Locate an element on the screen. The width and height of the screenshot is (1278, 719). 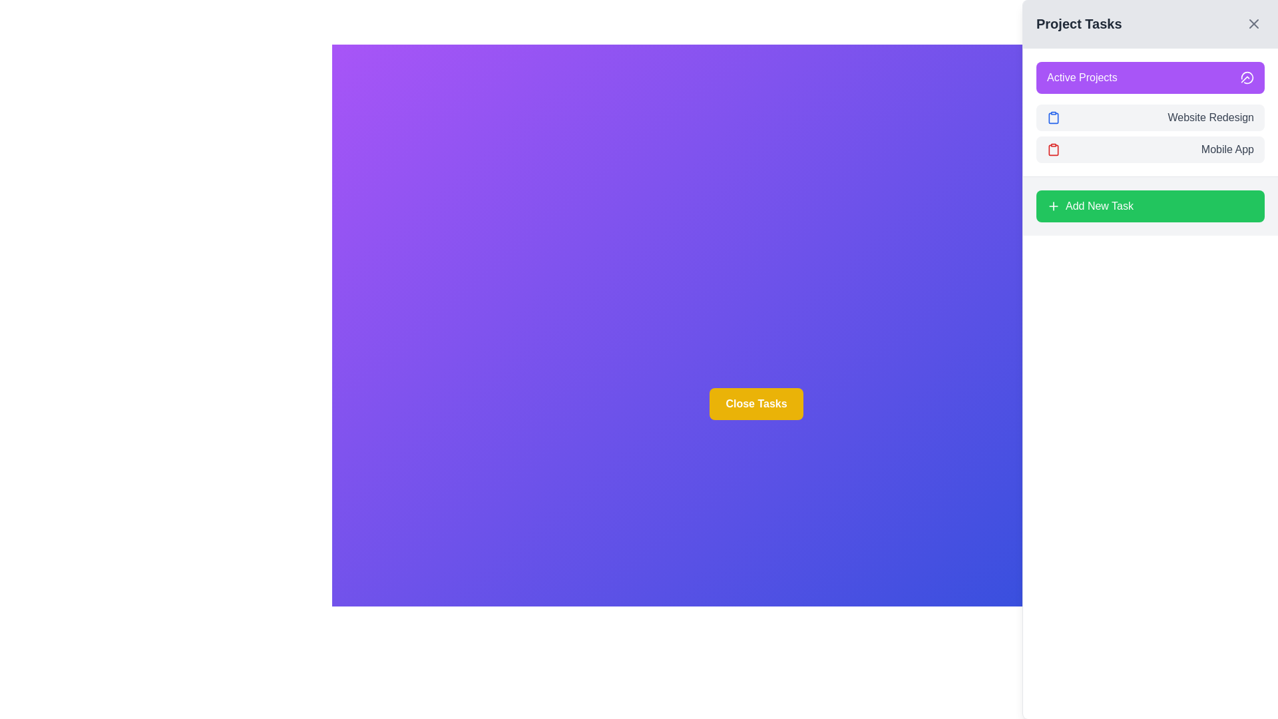
the 'Active Projects' button located at the top of the 'Project Tasks' sidebar panel is located at coordinates (1150, 77).